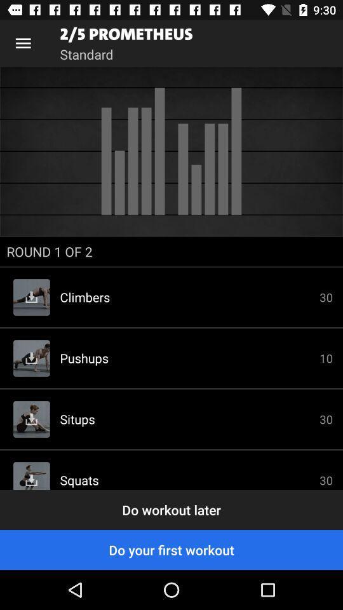 The height and width of the screenshot is (610, 343). Describe the element at coordinates (171, 251) in the screenshot. I see `the icon above the 30 item` at that location.